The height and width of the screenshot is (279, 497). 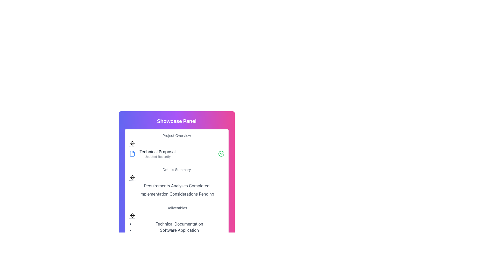 I want to click on text in the Text Block that conveys the statuses of 'Requirements Analyses' and 'Implementation Considerations' located under the 'Details Summary' section header, so click(x=177, y=190).